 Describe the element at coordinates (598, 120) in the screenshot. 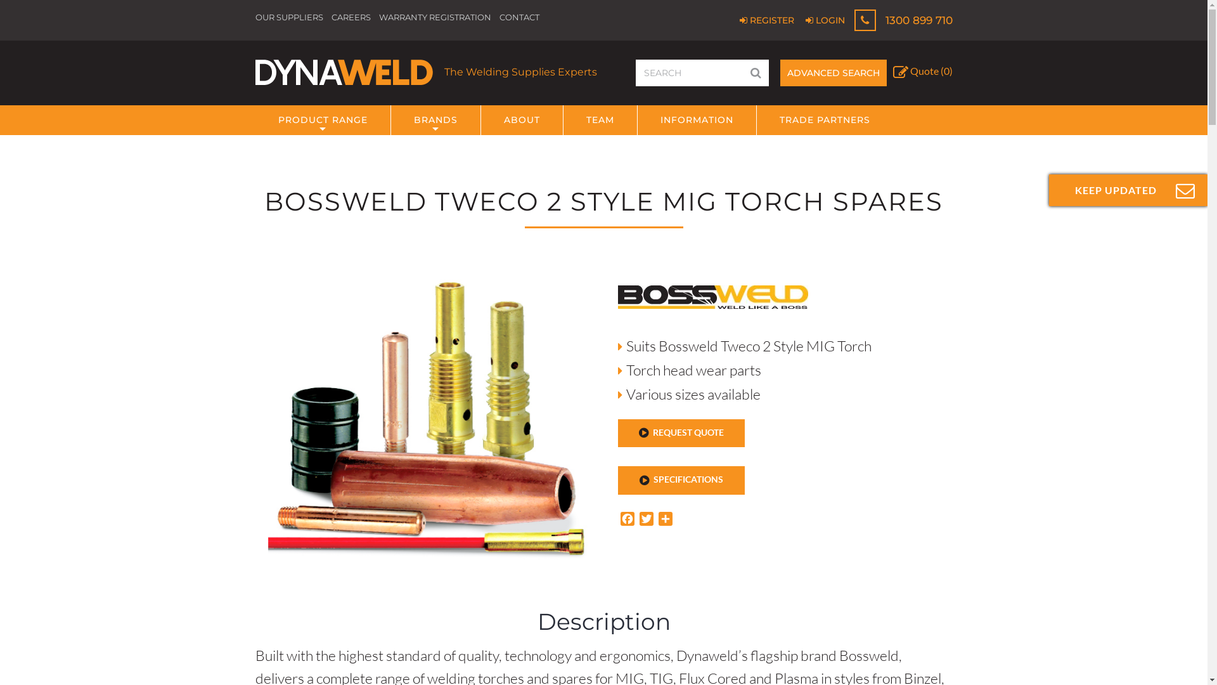

I see `'TEAM'` at that location.